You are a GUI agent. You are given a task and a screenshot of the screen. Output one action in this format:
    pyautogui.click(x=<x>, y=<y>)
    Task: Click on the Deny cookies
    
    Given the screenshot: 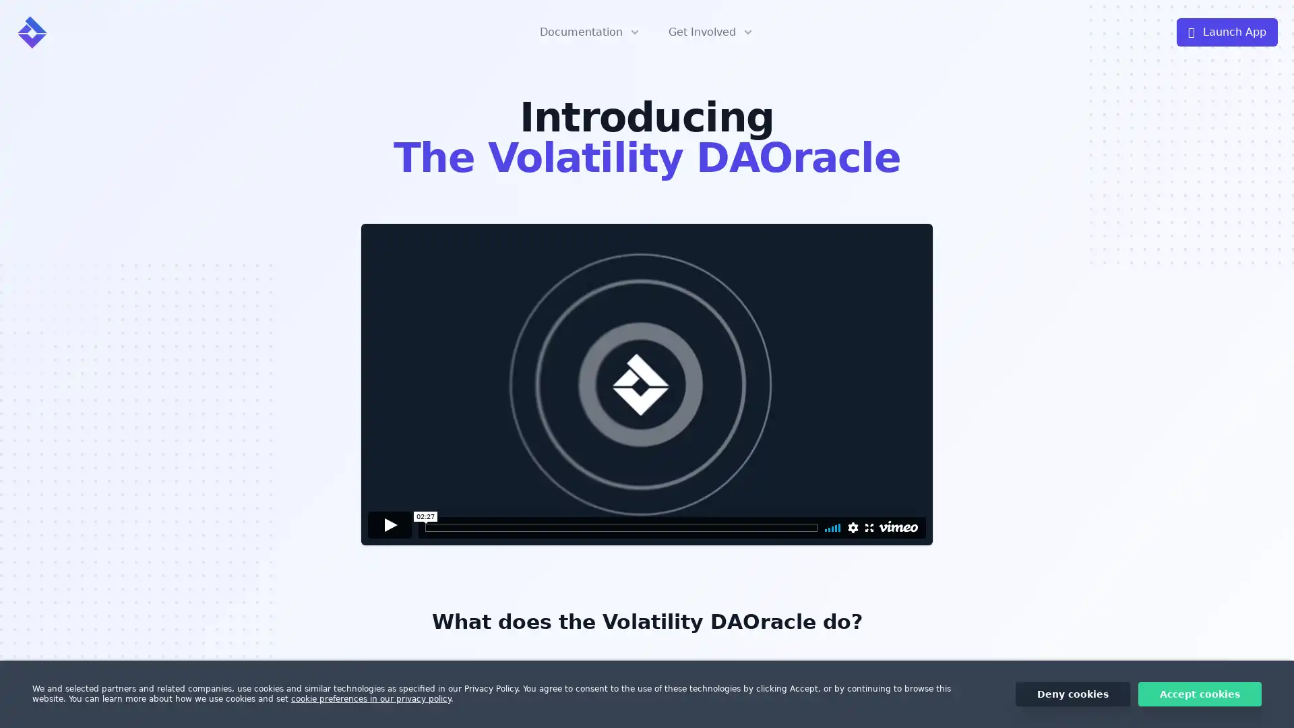 What is the action you would take?
    pyautogui.click(x=1072, y=694)
    